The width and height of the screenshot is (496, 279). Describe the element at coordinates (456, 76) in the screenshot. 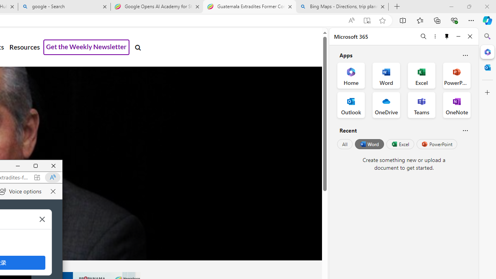

I see `'PowerPoint Office App'` at that location.